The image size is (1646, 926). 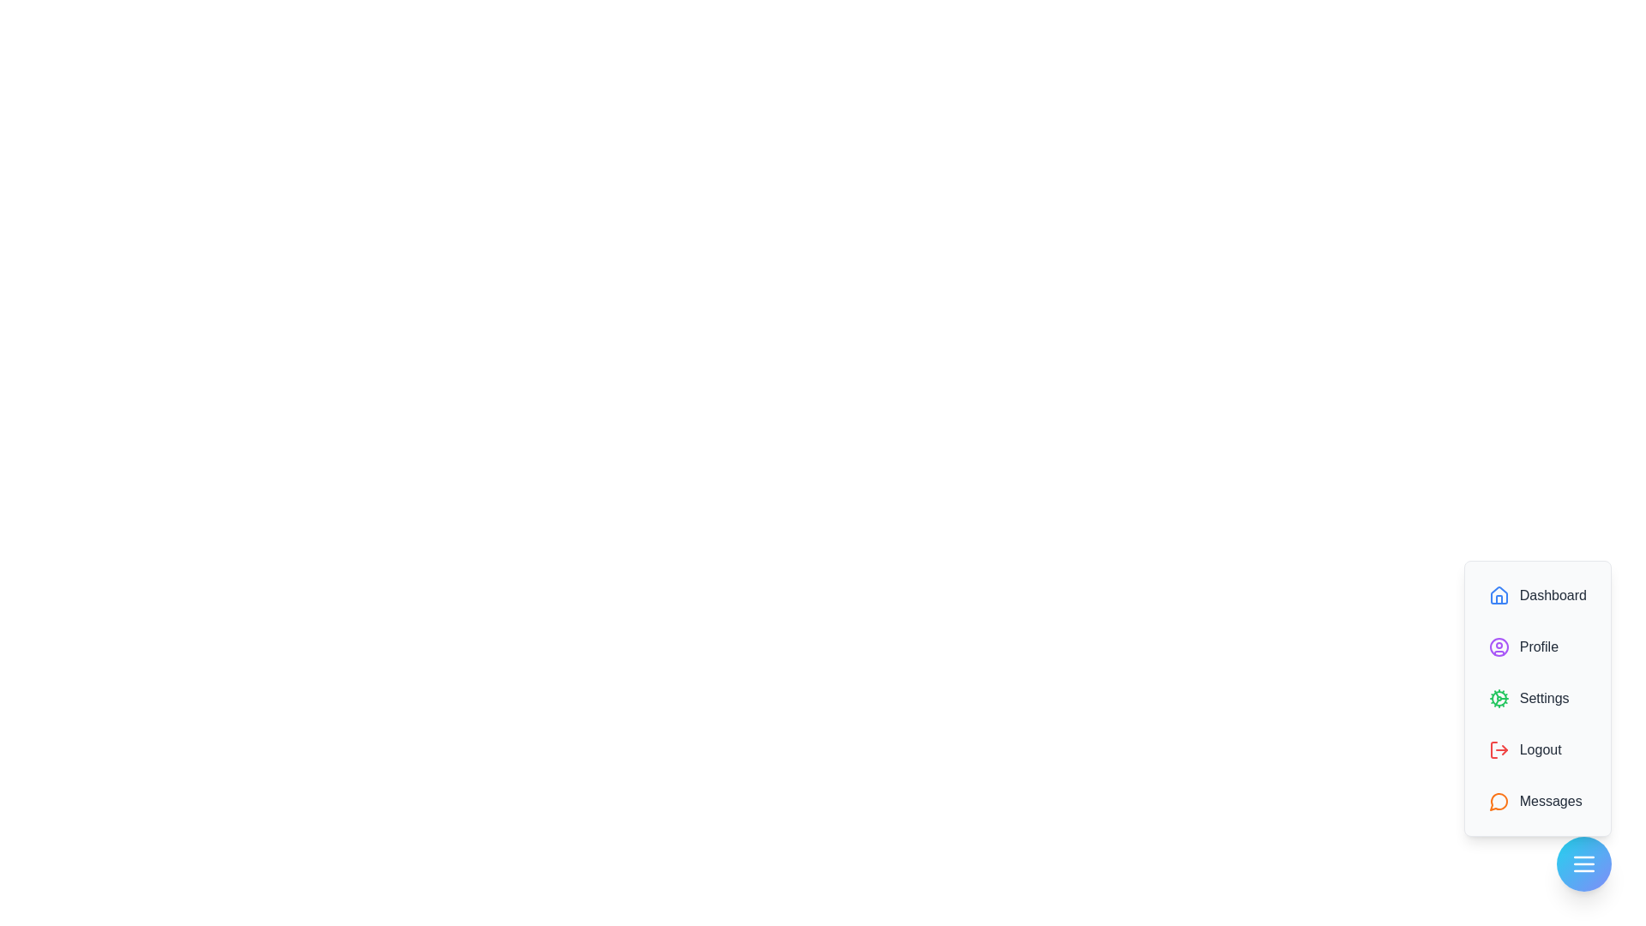 I want to click on the 'Logout' option in the menu, so click(x=1537, y=749).